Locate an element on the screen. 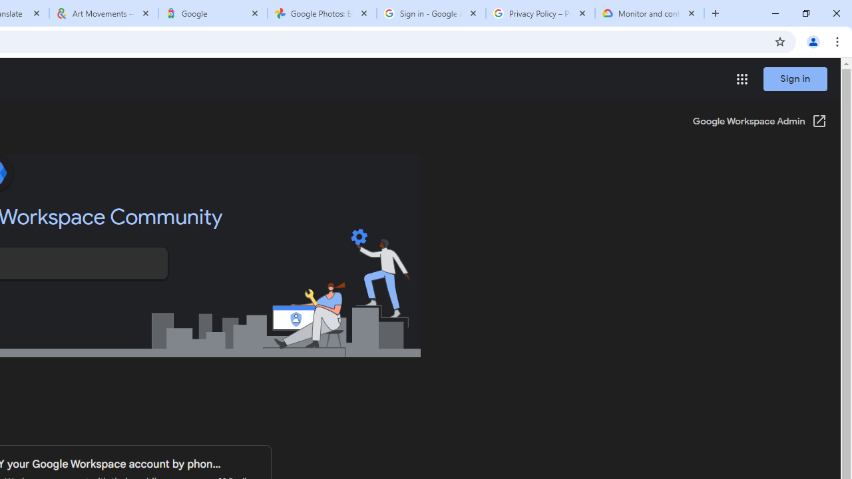 The width and height of the screenshot is (852, 479). 'Chrome' is located at coordinates (838, 41).